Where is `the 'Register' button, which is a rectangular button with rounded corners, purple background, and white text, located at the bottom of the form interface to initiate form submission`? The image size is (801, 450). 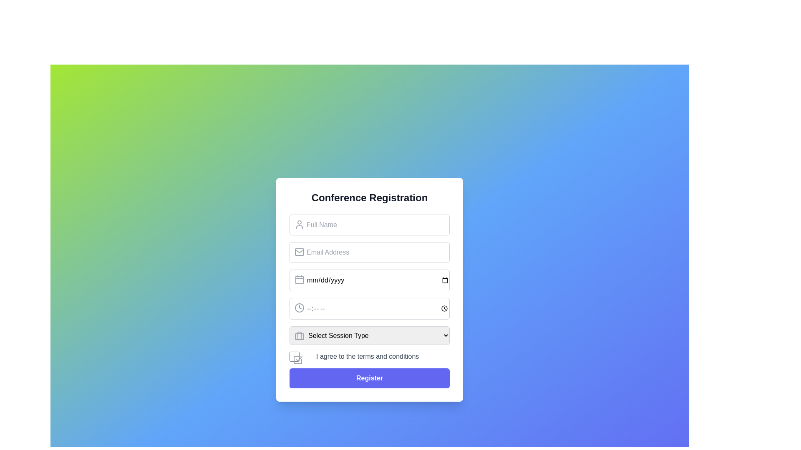
the 'Register' button, which is a rectangular button with rounded corners, purple background, and white text, located at the bottom of the form interface to initiate form submission is located at coordinates (369, 378).